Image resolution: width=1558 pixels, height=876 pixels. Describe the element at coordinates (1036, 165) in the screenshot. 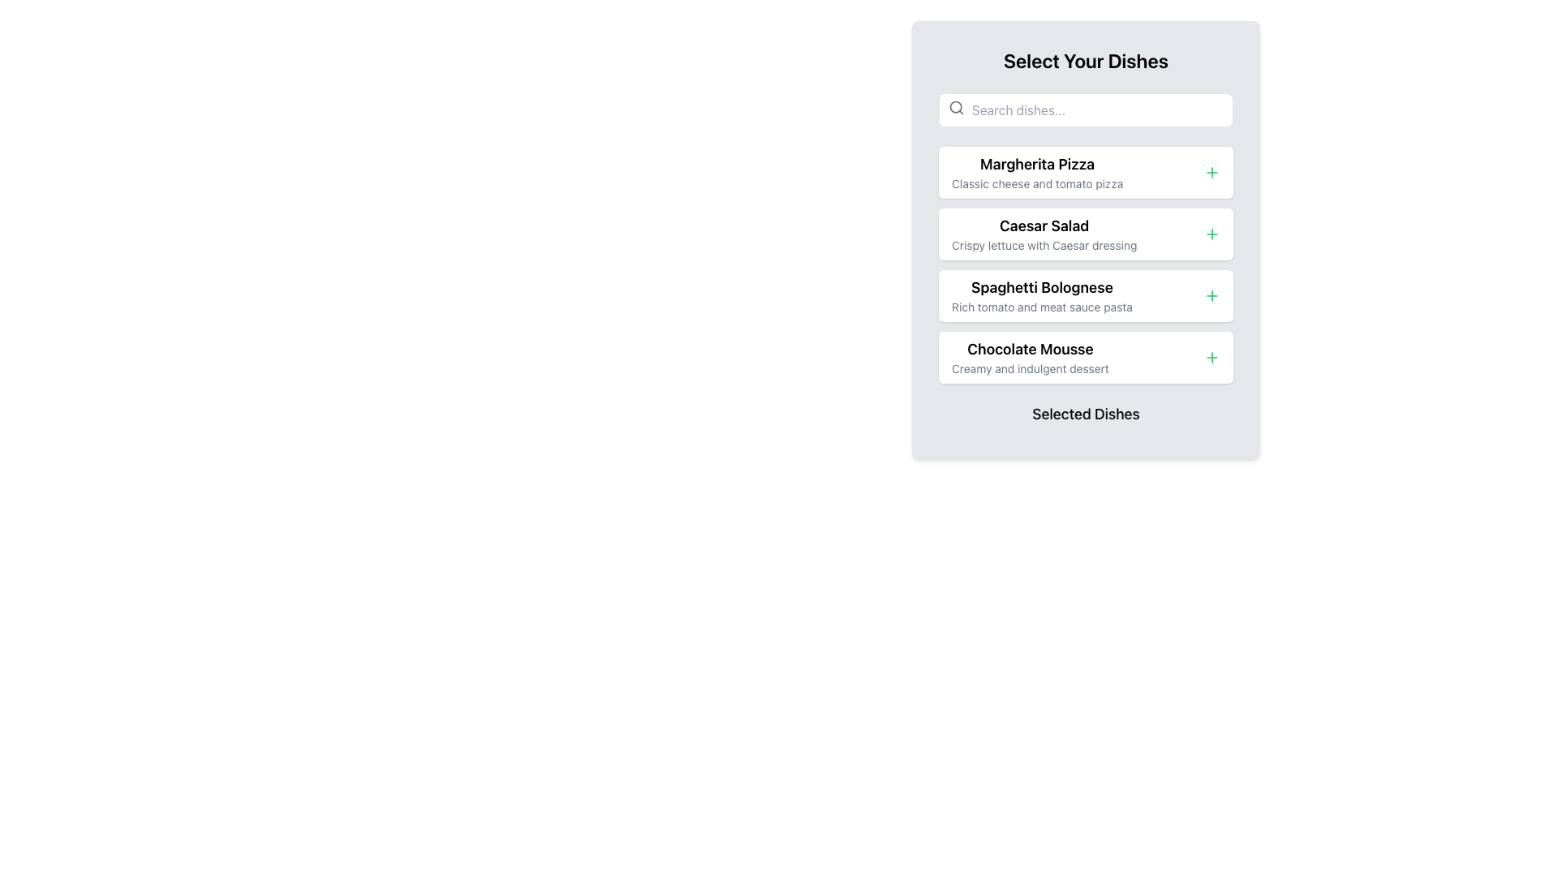

I see `the 'Margherita Pizza' text label, which is displayed in a bold and larger font within a rounded white button-like area on a gray background panel` at that location.